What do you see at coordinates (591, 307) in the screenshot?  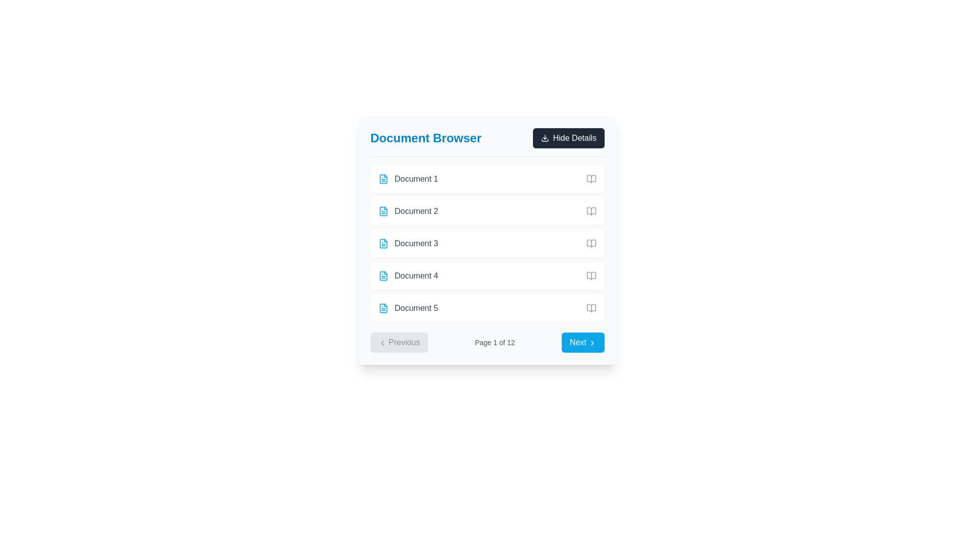 I see `the action button located to the right of 'Document 5' in the document browser interface to change its color` at bounding box center [591, 307].